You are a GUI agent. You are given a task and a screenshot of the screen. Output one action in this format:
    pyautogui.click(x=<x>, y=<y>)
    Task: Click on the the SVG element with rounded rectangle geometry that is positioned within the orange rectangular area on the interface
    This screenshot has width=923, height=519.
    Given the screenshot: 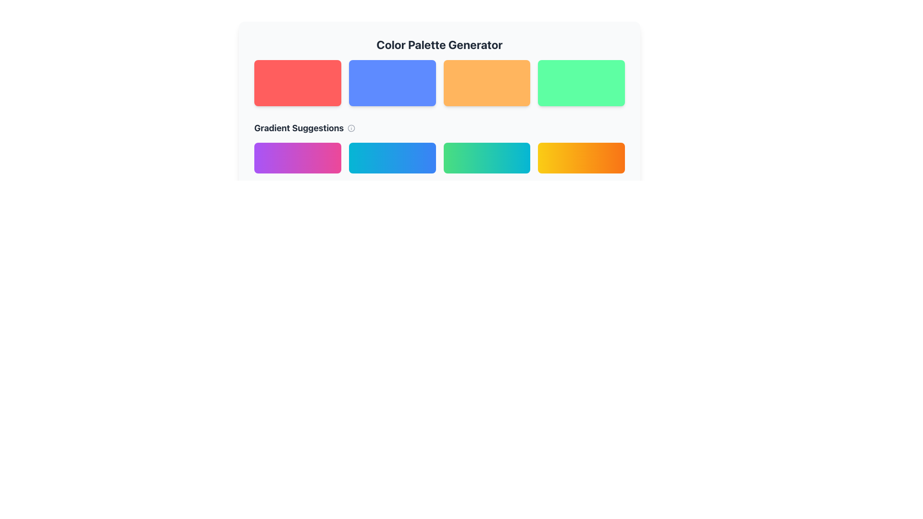 What is the action you would take?
    pyautogui.click(x=508, y=96)
    